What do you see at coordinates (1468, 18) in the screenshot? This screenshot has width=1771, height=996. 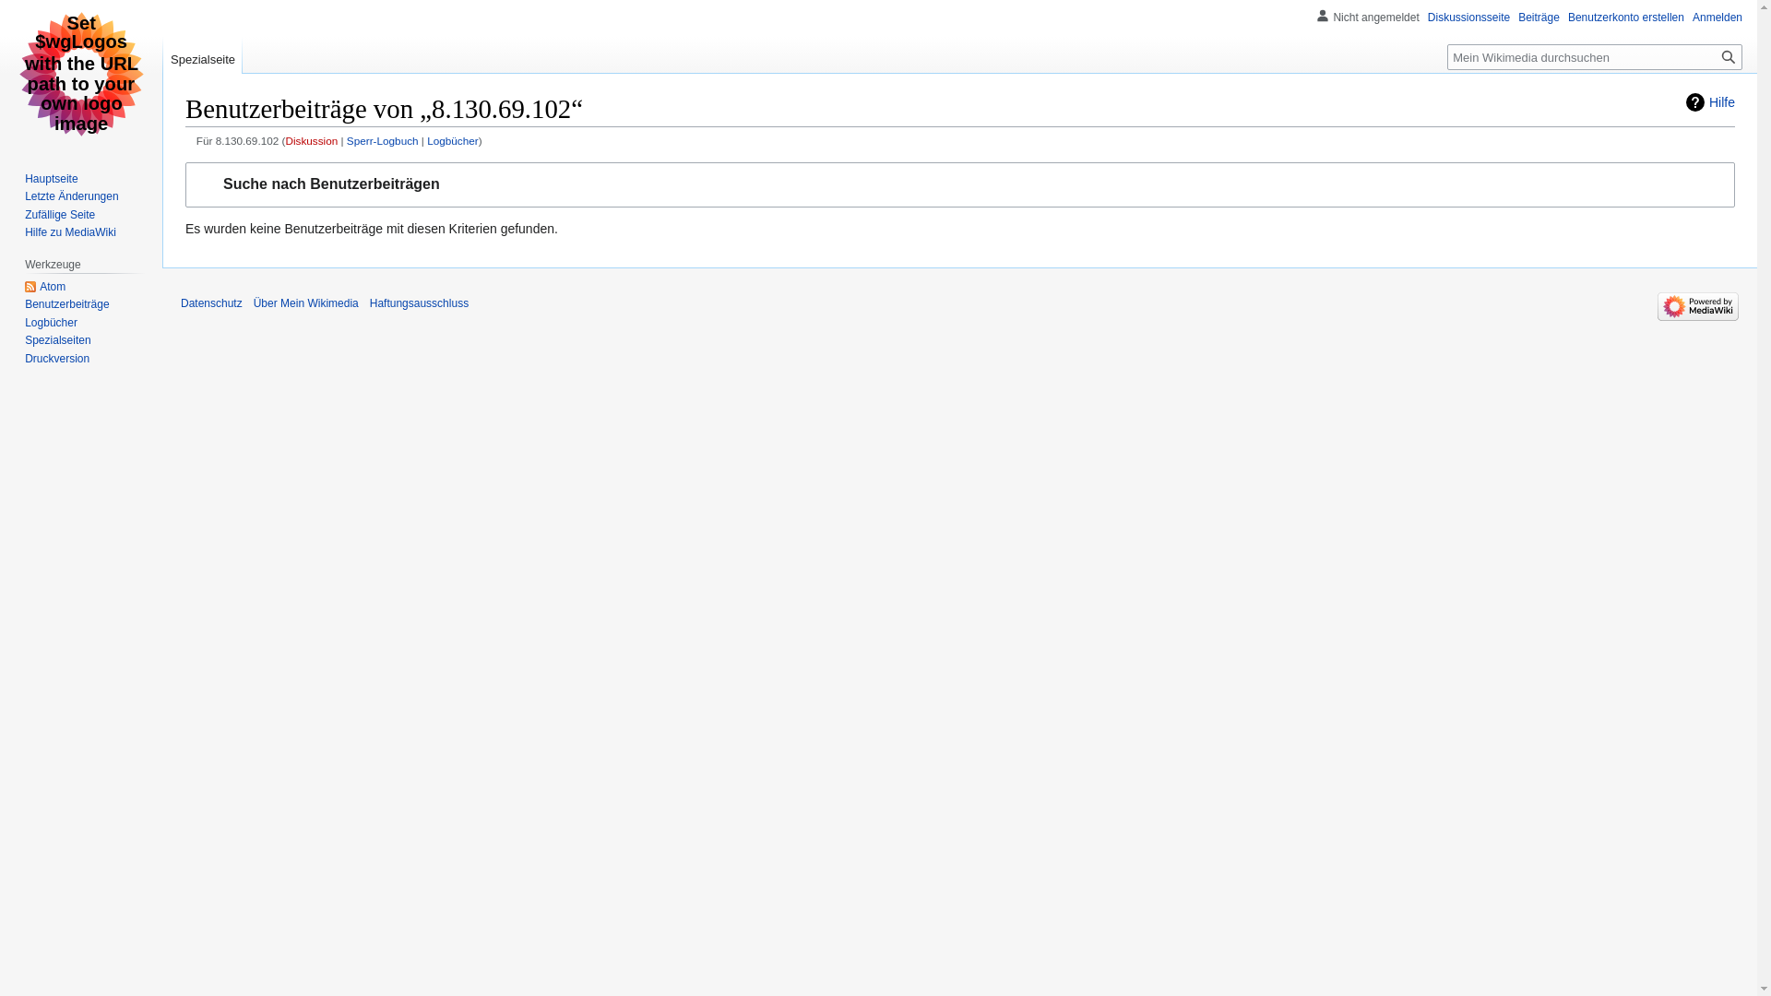 I see `'Diskussionsseite'` at bounding box center [1468, 18].